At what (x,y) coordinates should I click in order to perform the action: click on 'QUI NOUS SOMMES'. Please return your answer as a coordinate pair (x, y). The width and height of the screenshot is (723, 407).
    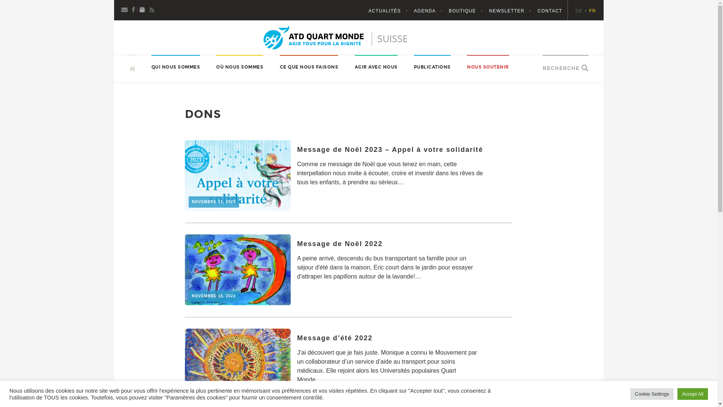
    Looking at the image, I should click on (175, 66).